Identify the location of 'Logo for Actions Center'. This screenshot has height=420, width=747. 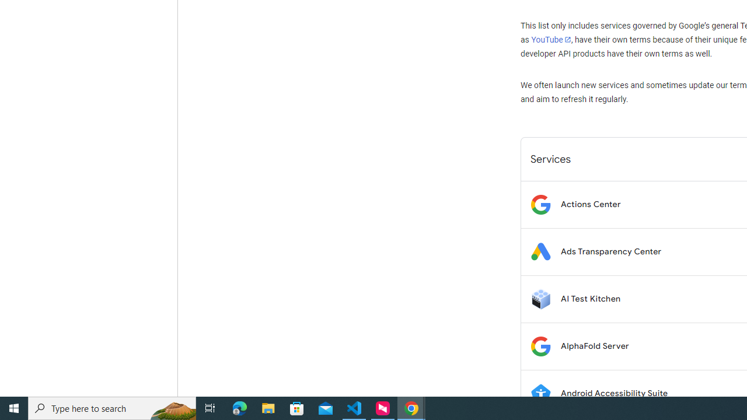
(540, 204).